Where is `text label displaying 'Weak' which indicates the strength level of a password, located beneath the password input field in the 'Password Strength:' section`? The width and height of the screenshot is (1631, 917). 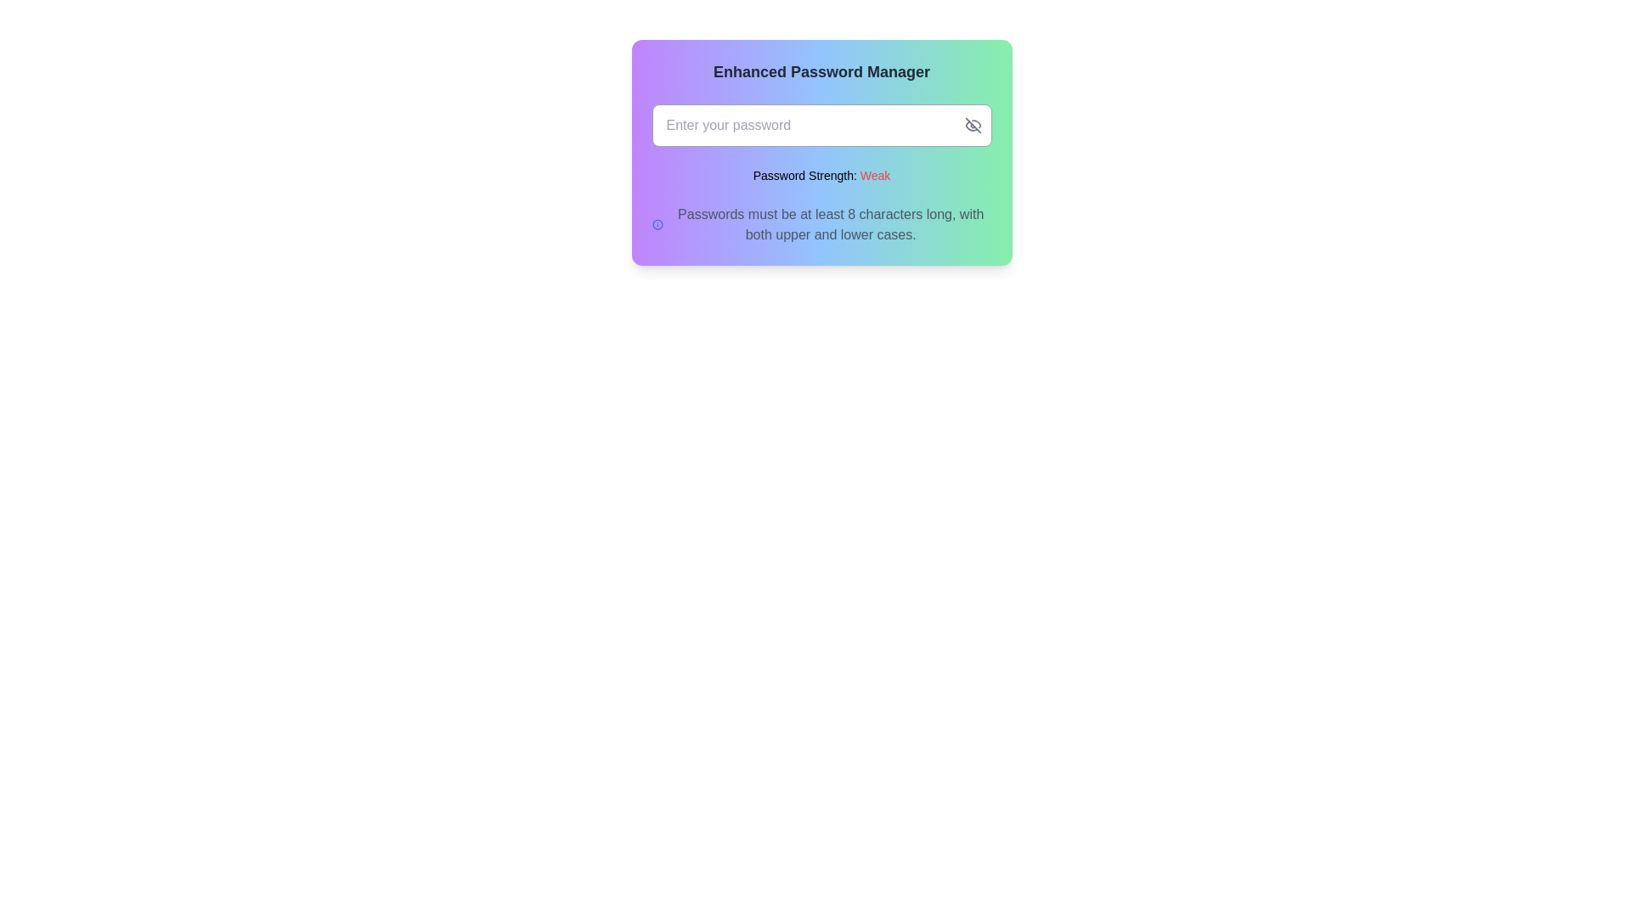
text label displaying 'Weak' which indicates the strength level of a password, located beneath the password input field in the 'Password Strength:' section is located at coordinates (875, 176).